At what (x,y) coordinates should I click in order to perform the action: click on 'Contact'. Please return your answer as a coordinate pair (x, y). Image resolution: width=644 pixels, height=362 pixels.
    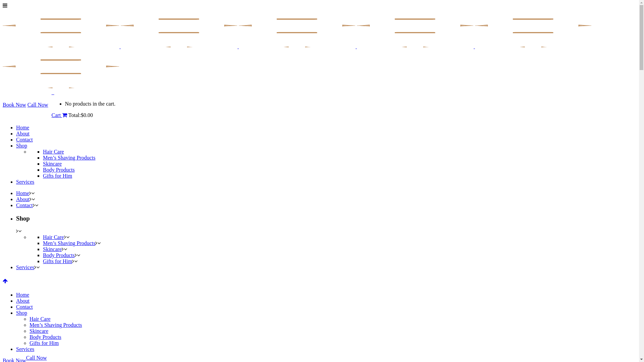
    Looking at the image, I should click on (16, 307).